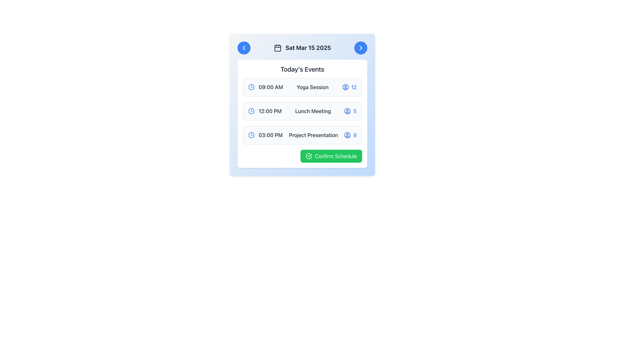 The image size is (623, 350). Describe the element at coordinates (265, 111) in the screenshot. I see `time displayed in the blue clock icon followed by the text label '12:00 PM' in bold gray font, which is part of the schedule item row labeled 'Lunch Meeting'` at that location.